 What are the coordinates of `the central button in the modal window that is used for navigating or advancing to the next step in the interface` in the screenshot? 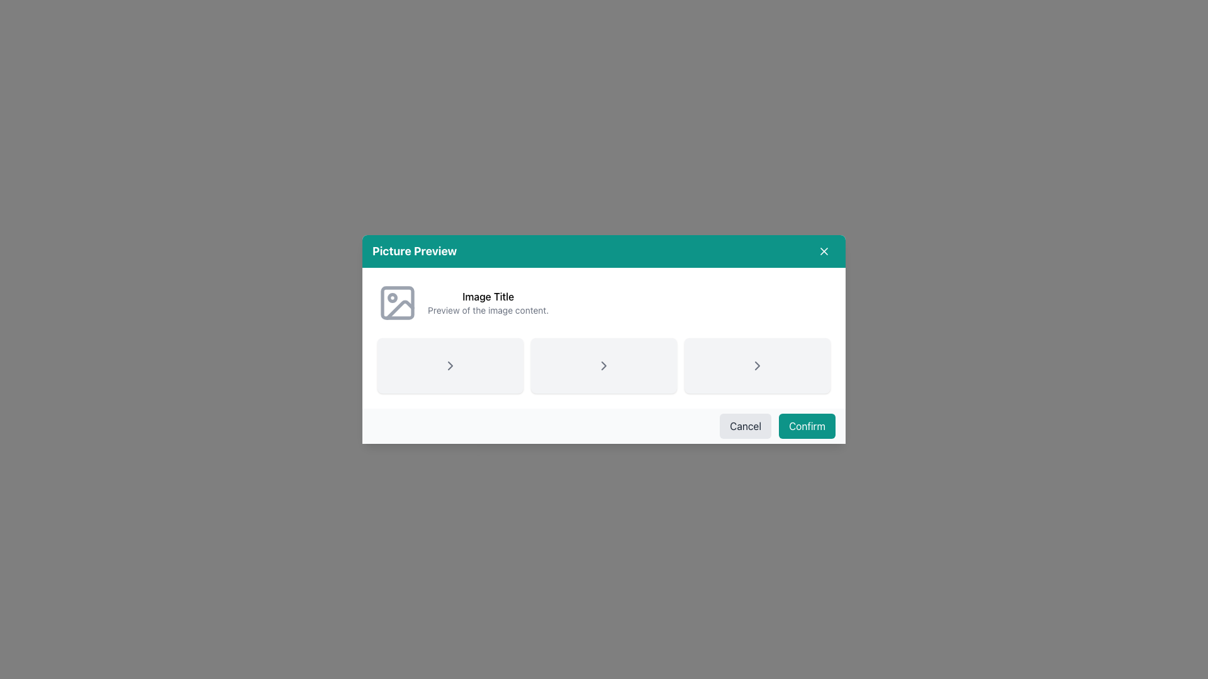 It's located at (604, 366).